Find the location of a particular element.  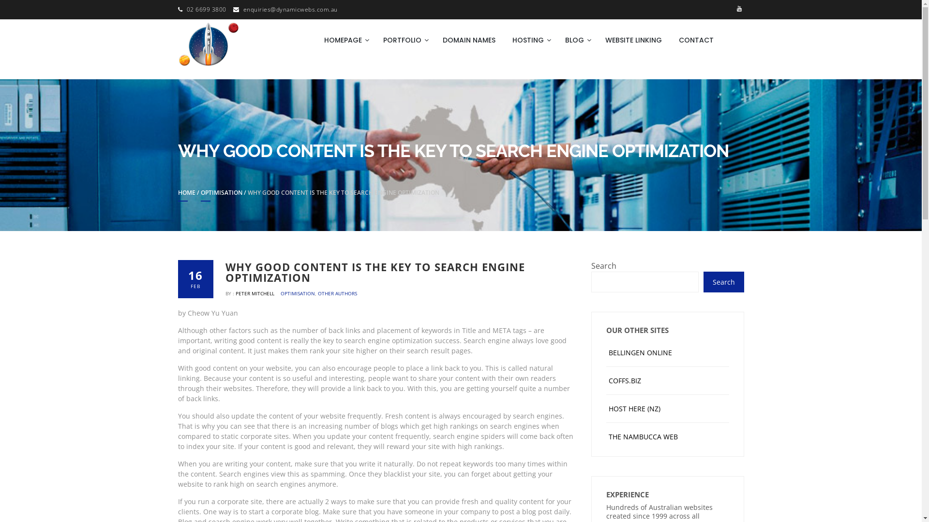

'THE NAMBUCCA WEB' is located at coordinates (643, 436).